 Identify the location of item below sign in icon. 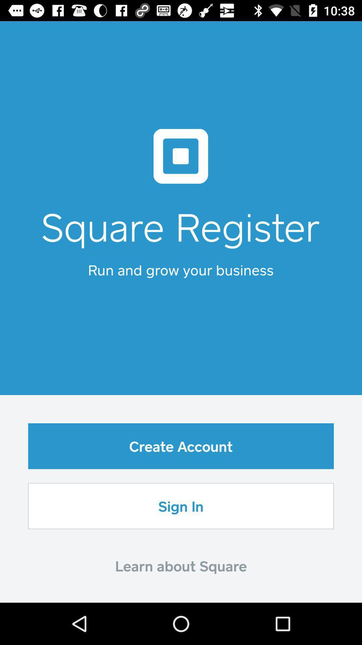
(181, 565).